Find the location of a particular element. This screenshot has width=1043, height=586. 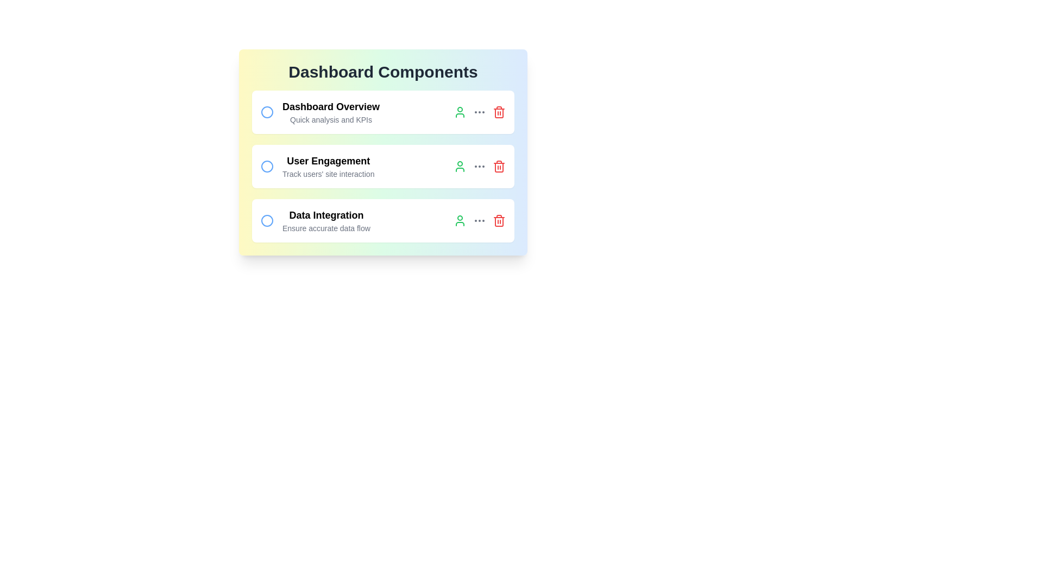

the circle next to the task 'User Engagement' to select it is located at coordinates (267, 167).